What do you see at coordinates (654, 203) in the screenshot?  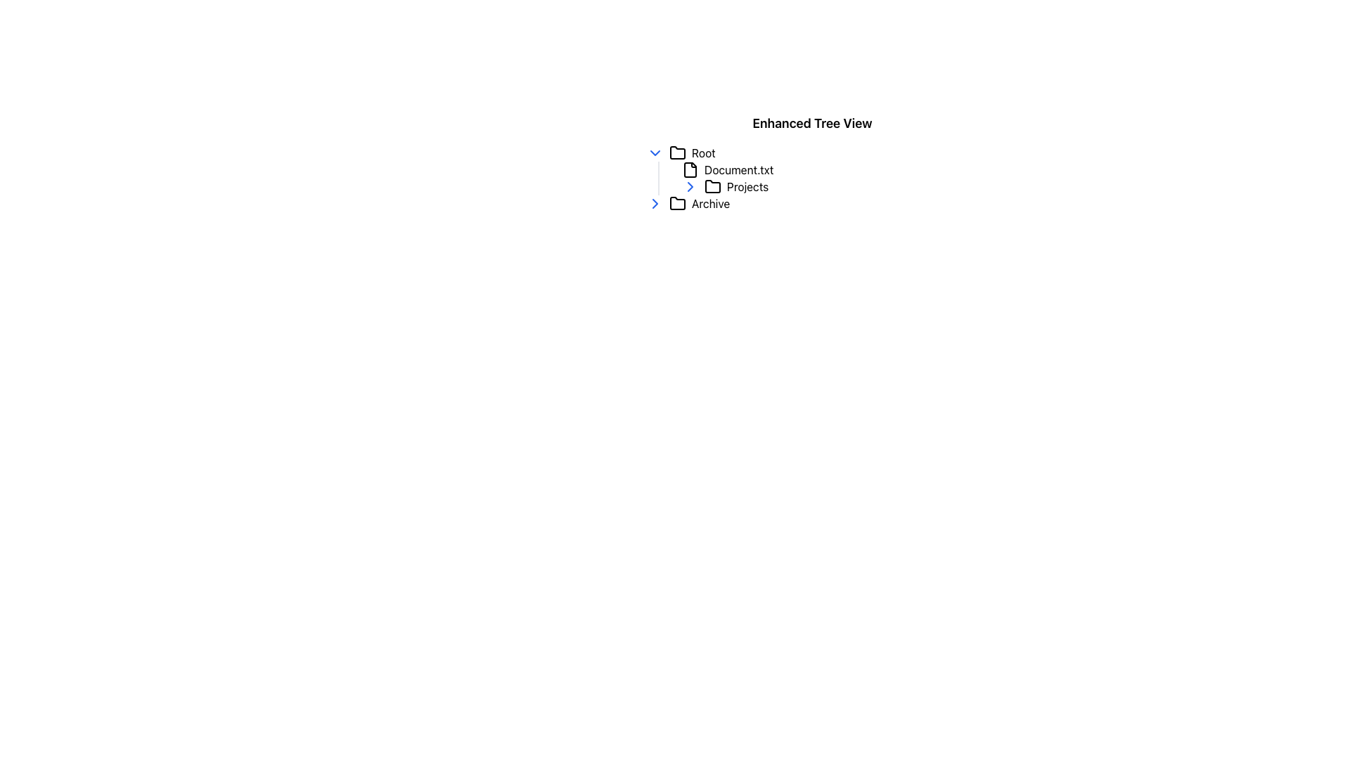 I see `the right-pointing chevron icon next to the word 'Archive' to trigger its hover state` at bounding box center [654, 203].